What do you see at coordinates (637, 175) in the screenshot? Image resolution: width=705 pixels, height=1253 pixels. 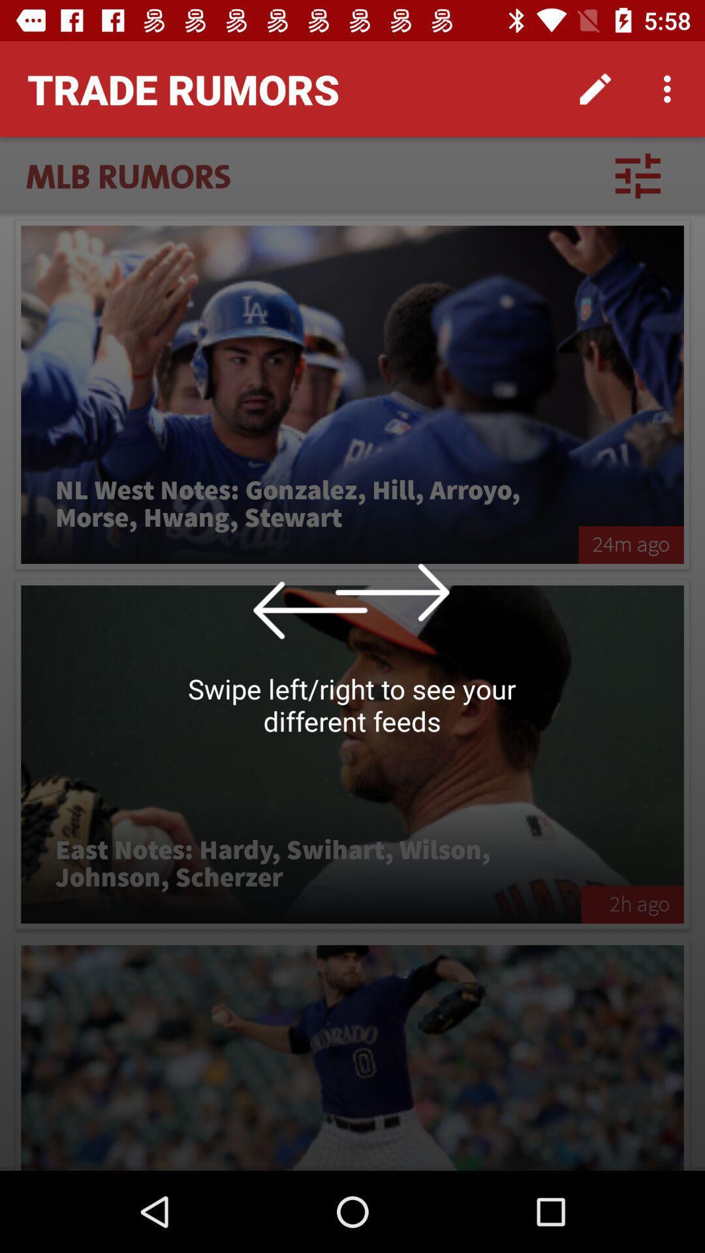 I see `the sliders icon` at bounding box center [637, 175].